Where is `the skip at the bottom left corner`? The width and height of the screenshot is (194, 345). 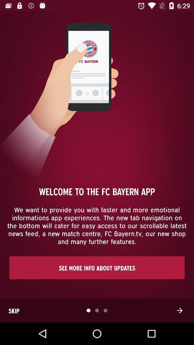
the skip at the bottom left corner is located at coordinates (14, 310).